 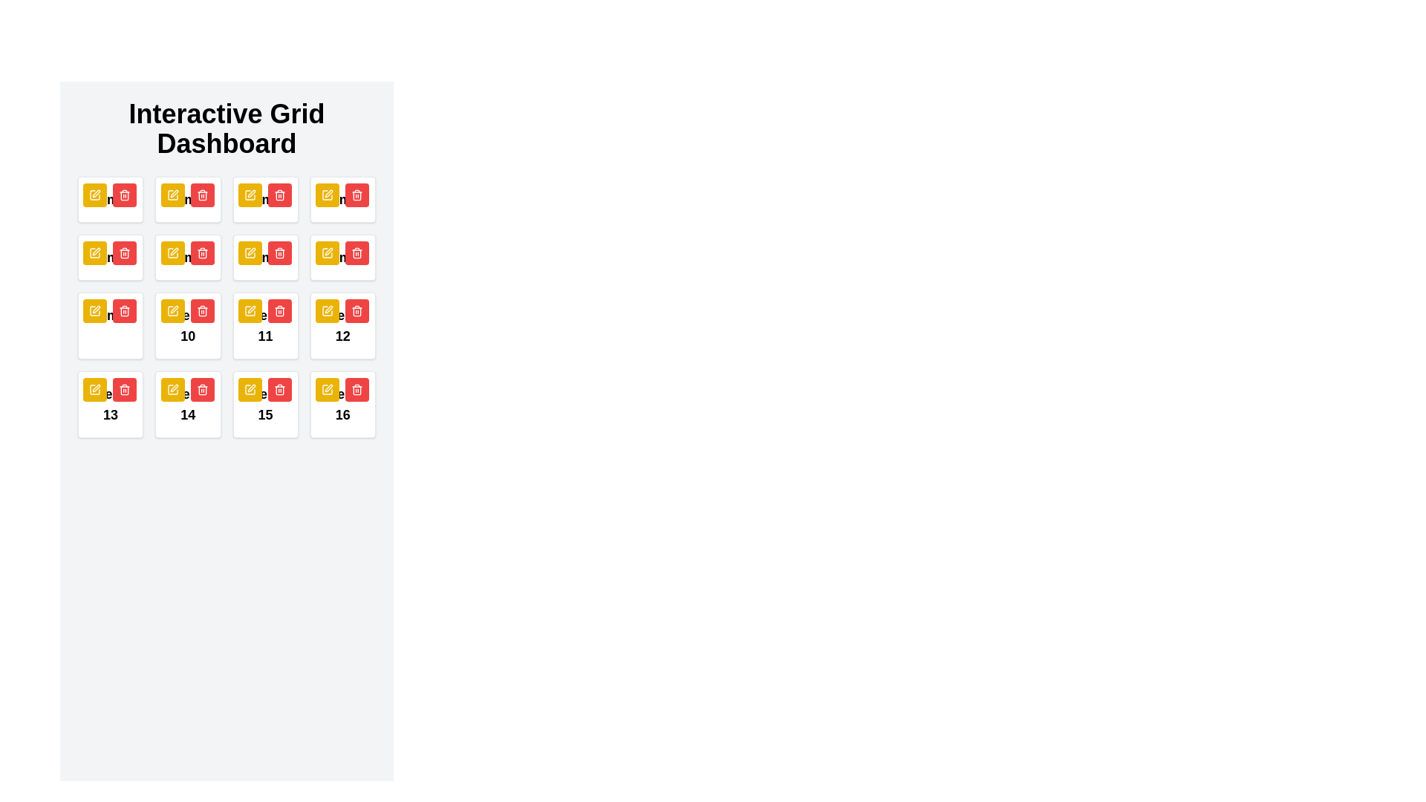 I want to click on the 'Edit' icon located within the yellow button, so click(x=172, y=310).